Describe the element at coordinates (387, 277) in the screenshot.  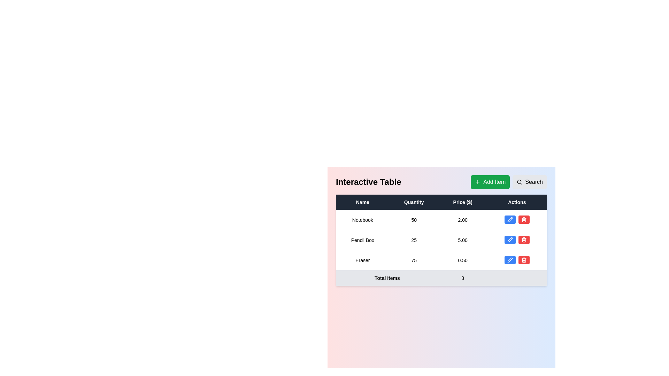
I see `the 'Total Items' static text label located in the footer of the data table, which is styled in bold and centered alignment` at that location.